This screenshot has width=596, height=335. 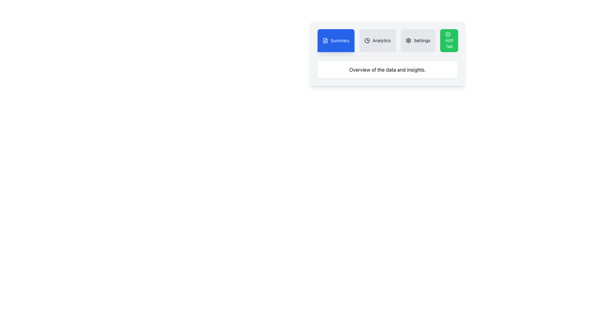 I want to click on the circular icon representing the addition action within the 'Add Tab' button located at the rightmost end of the navigation bar, so click(x=448, y=34).